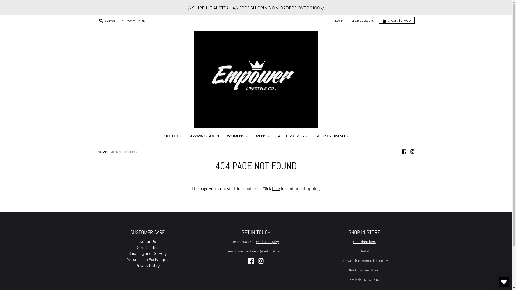  What do you see at coordinates (260, 261) in the screenshot?
I see `'Instagram - Empower Lifestyle '` at bounding box center [260, 261].